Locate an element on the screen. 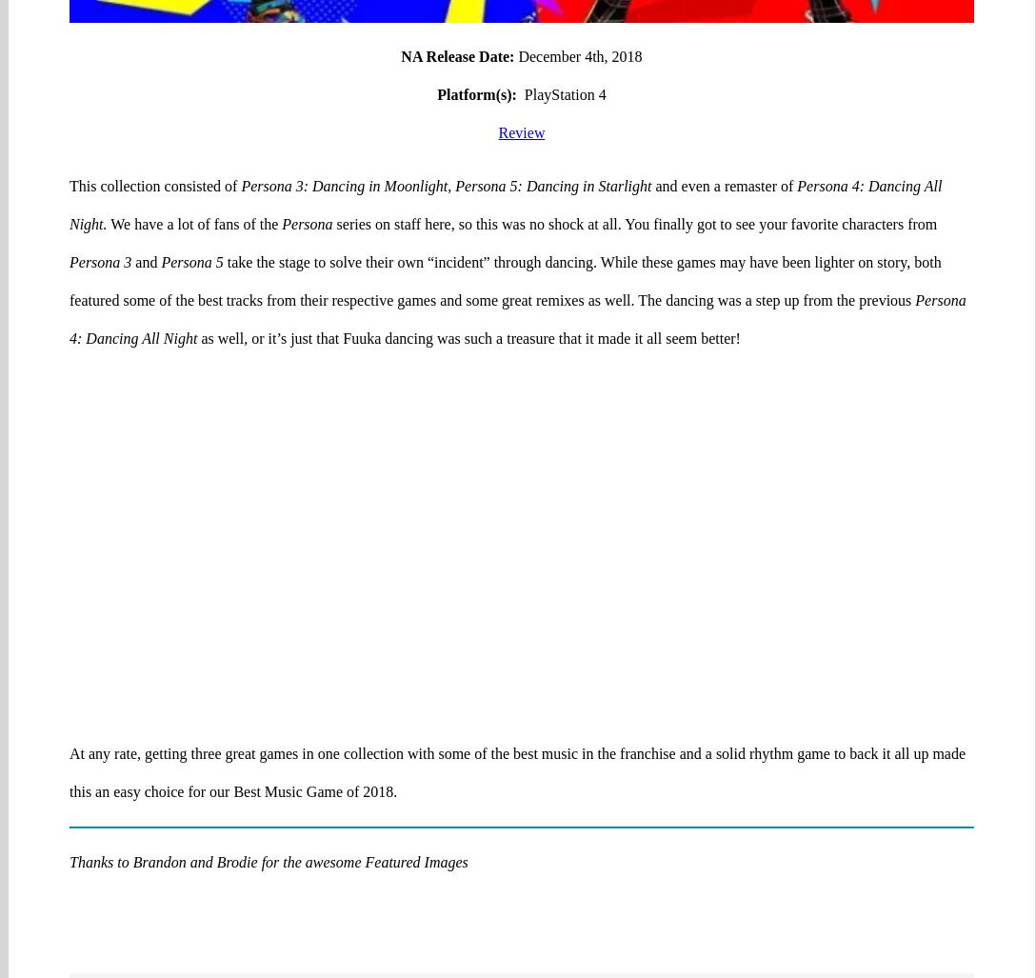  'This collection consisted of' is located at coordinates (70, 111).